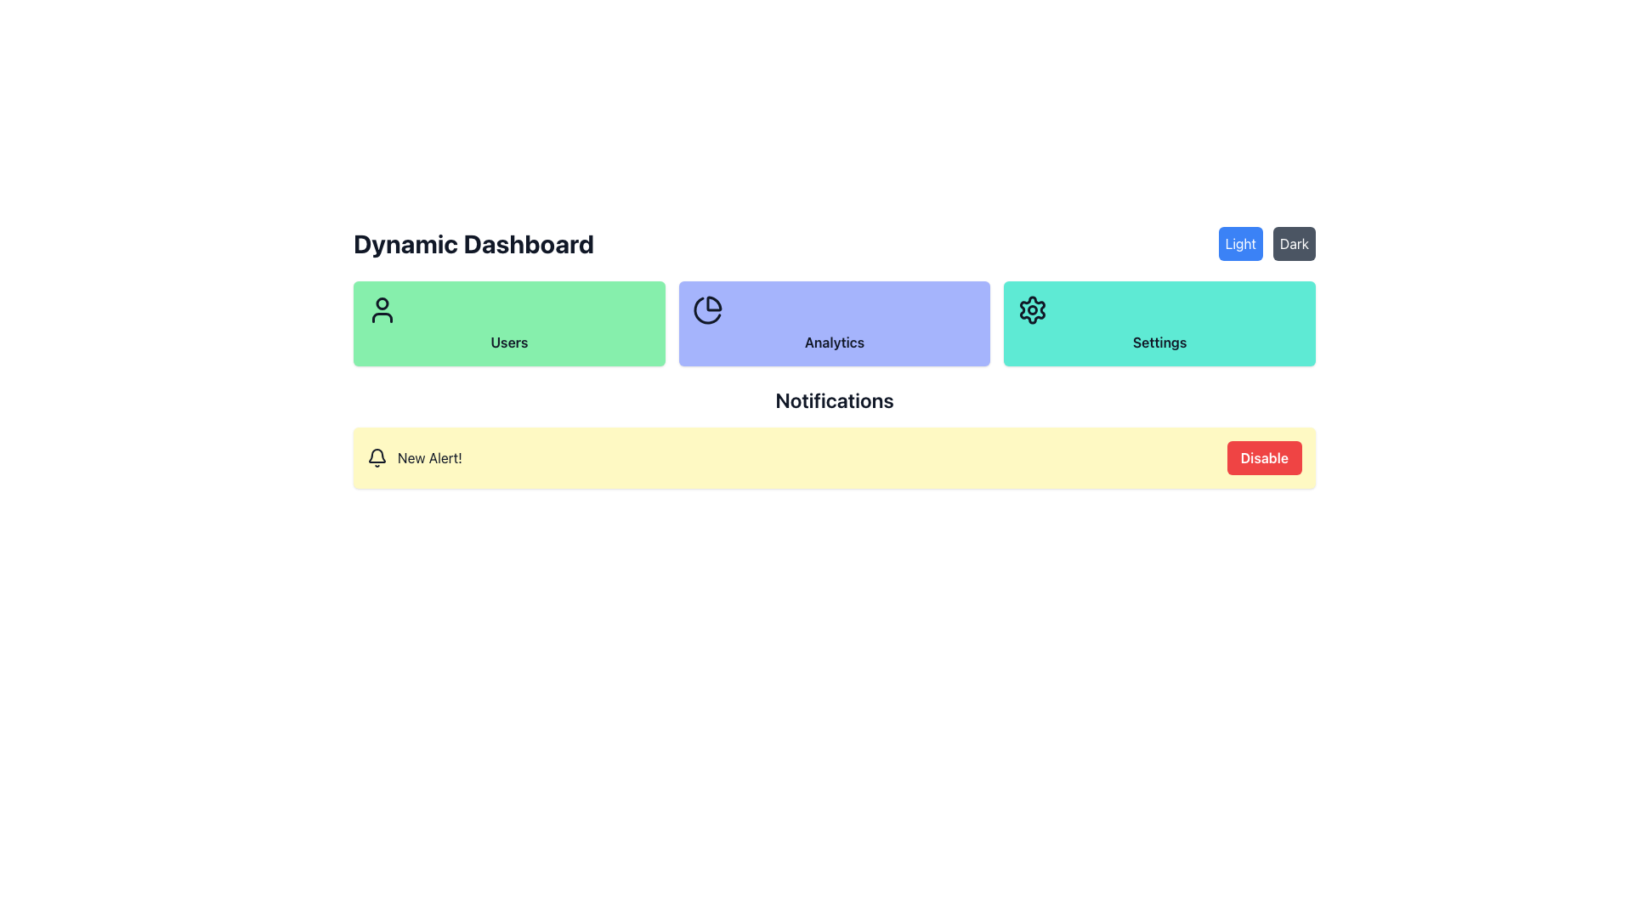 The width and height of the screenshot is (1632, 918). I want to click on text from the label indicating settings or configuration options, which is located within a teal rectangular button below a gear icon, so click(1159, 342).